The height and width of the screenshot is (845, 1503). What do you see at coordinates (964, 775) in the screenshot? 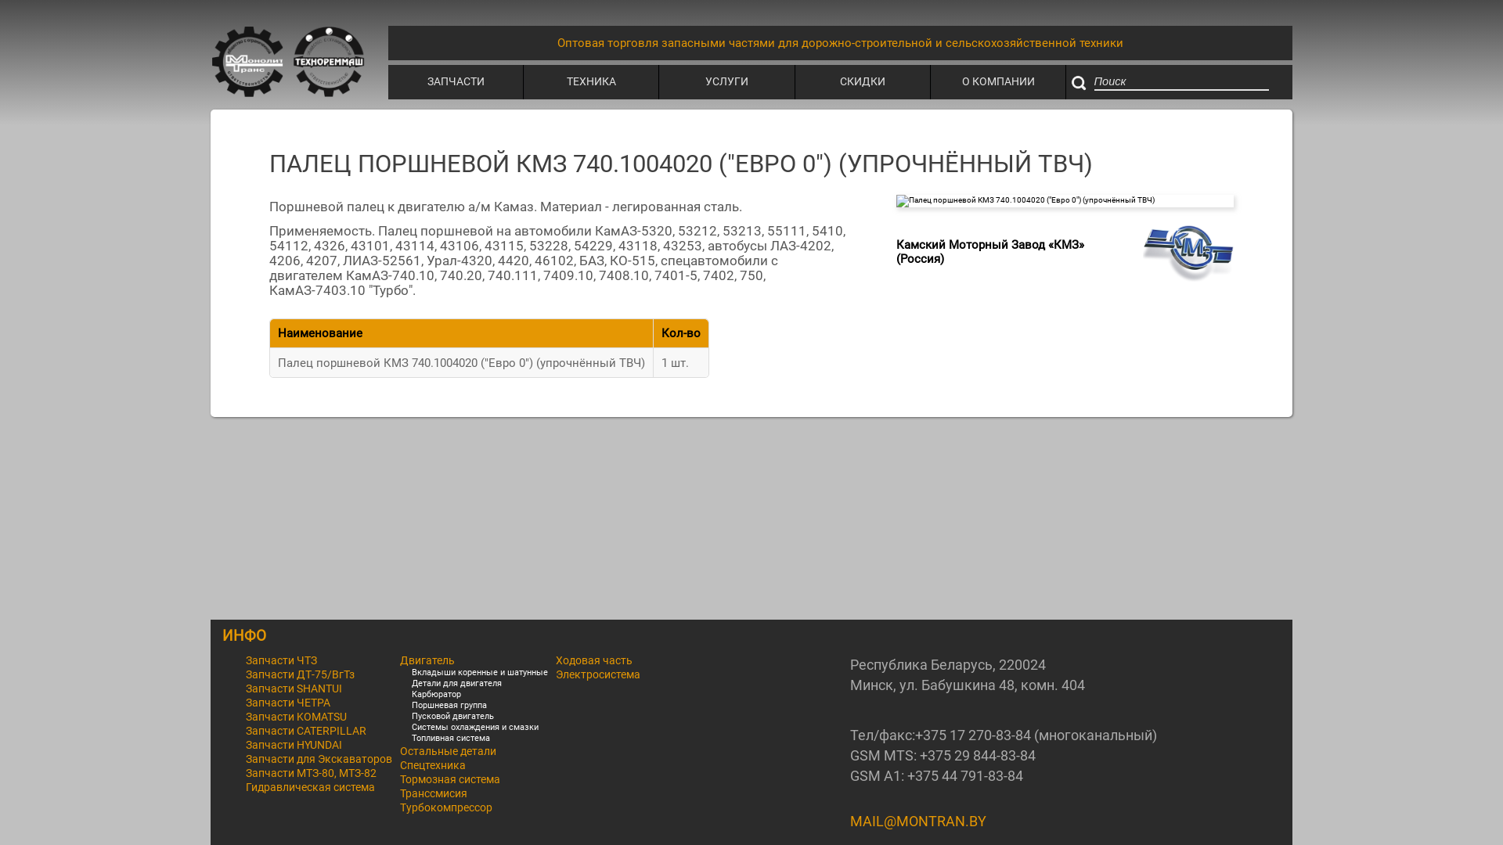
I see `'+375 44 791-83-84'` at bounding box center [964, 775].